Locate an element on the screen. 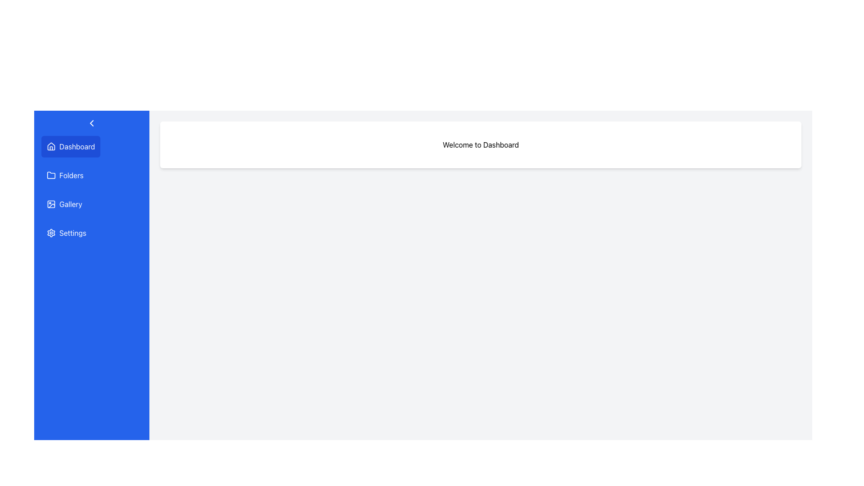  the cogwheel icon in the vertical menu on the left side, which serves as a visual indicator for the settings option is located at coordinates (51, 232).